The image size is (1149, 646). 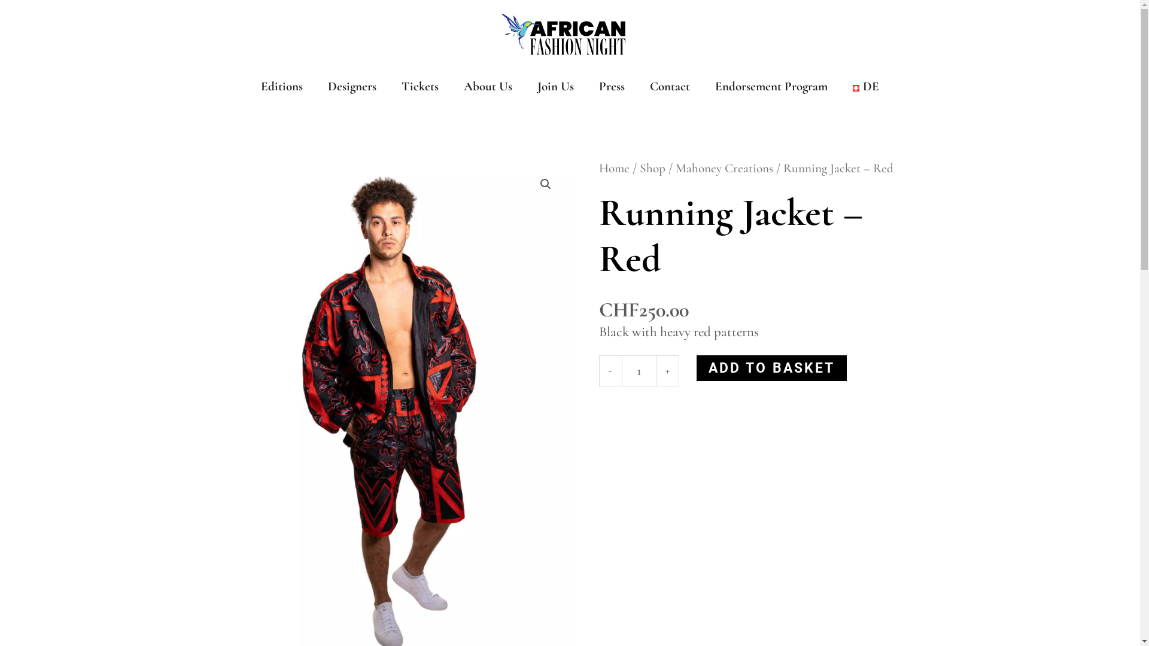 I want to click on 'Editions', so click(x=281, y=86).